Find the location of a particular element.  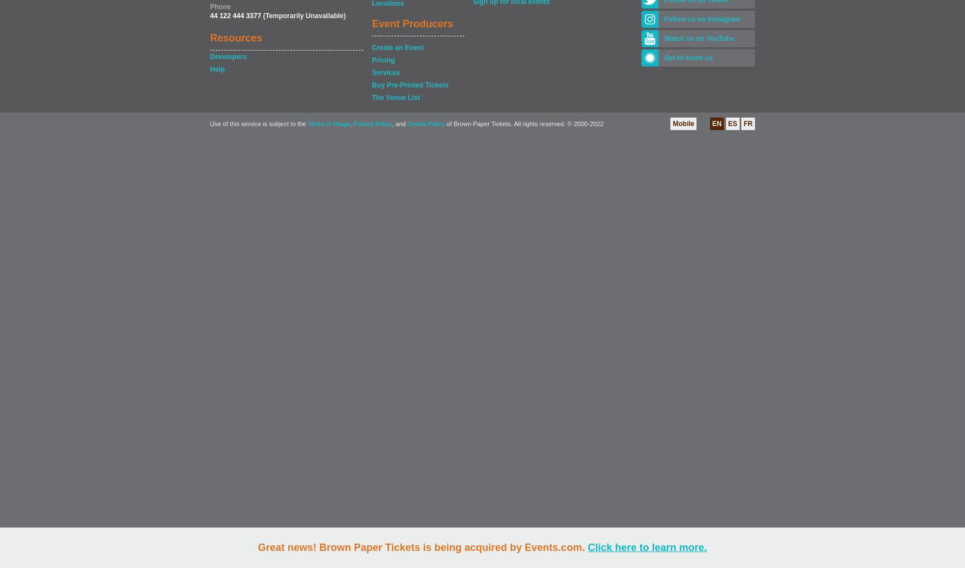

'Privacy Policy' is located at coordinates (372, 123).